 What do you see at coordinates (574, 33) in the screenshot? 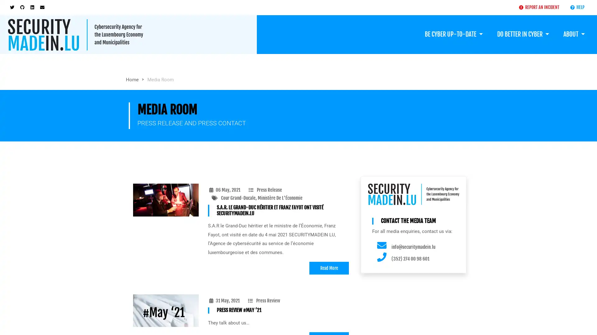
I see `ABOUT` at bounding box center [574, 33].